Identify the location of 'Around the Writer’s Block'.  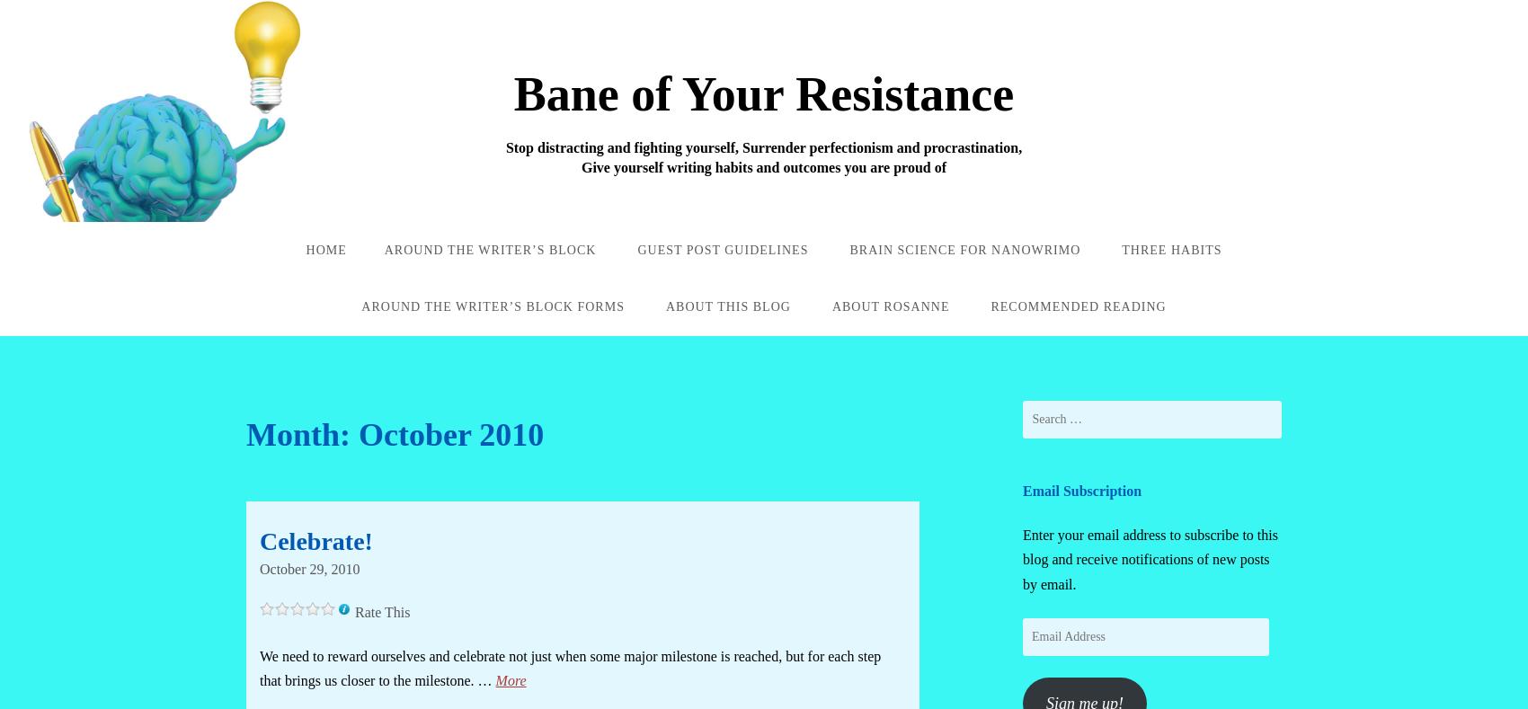
(489, 249).